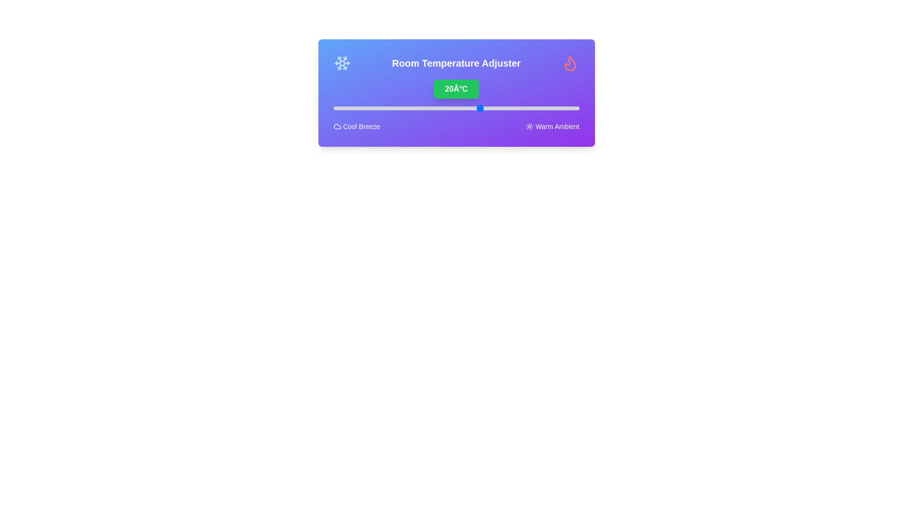 This screenshot has height=518, width=922. What do you see at coordinates (342, 63) in the screenshot?
I see `snowflake icon to adjust the temperature settings` at bounding box center [342, 63].